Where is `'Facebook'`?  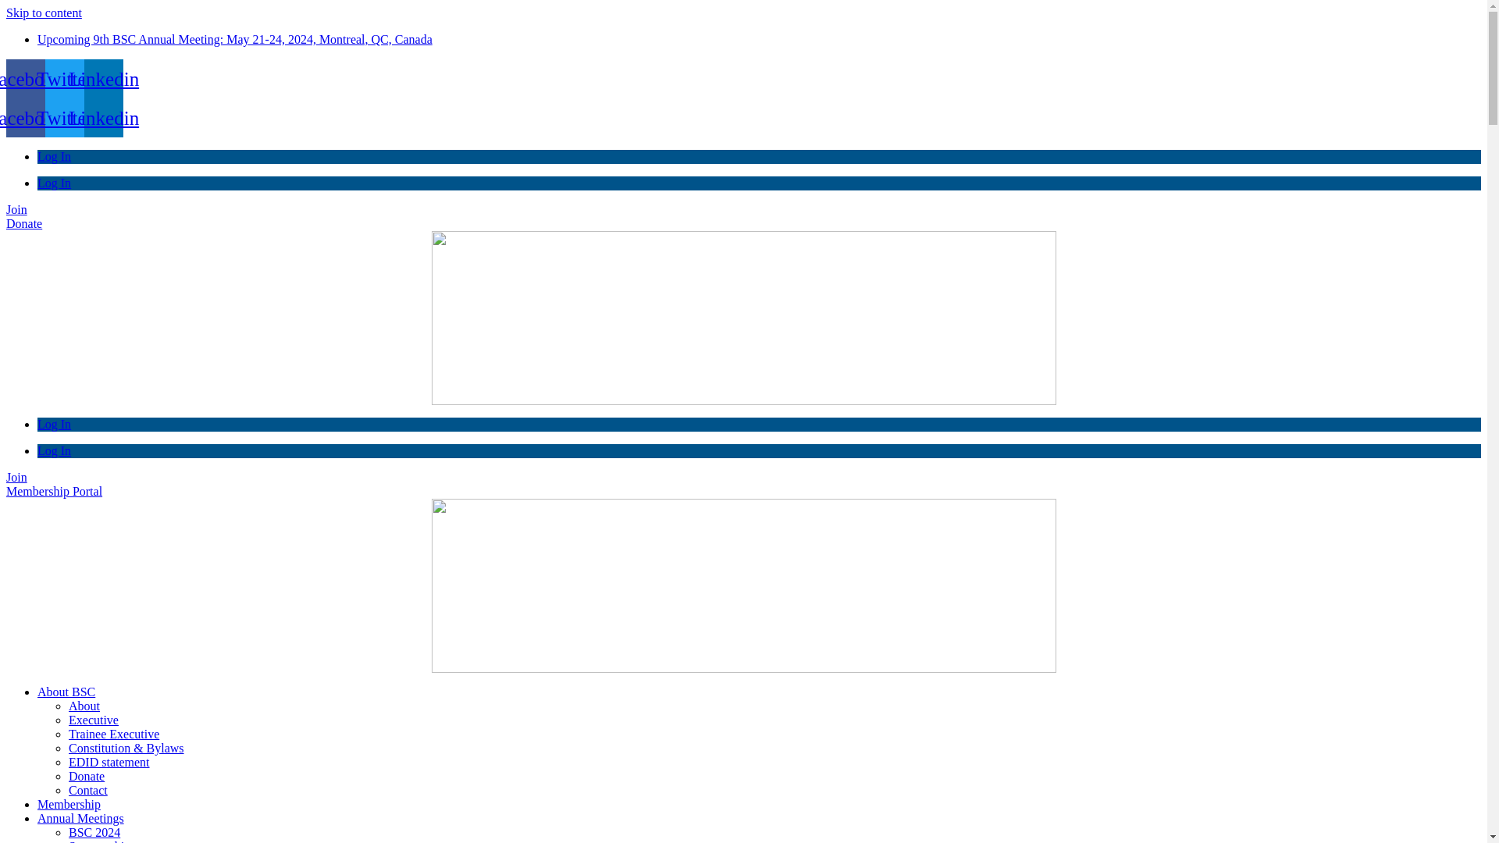
'Facebook' is located at coordinates (26, 116).